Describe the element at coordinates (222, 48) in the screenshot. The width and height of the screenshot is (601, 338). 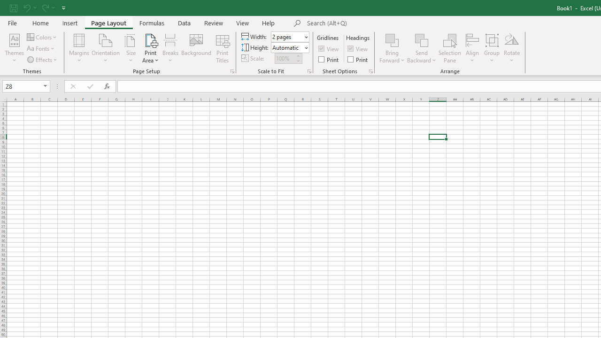
I see `'Print Titles'` at that location.